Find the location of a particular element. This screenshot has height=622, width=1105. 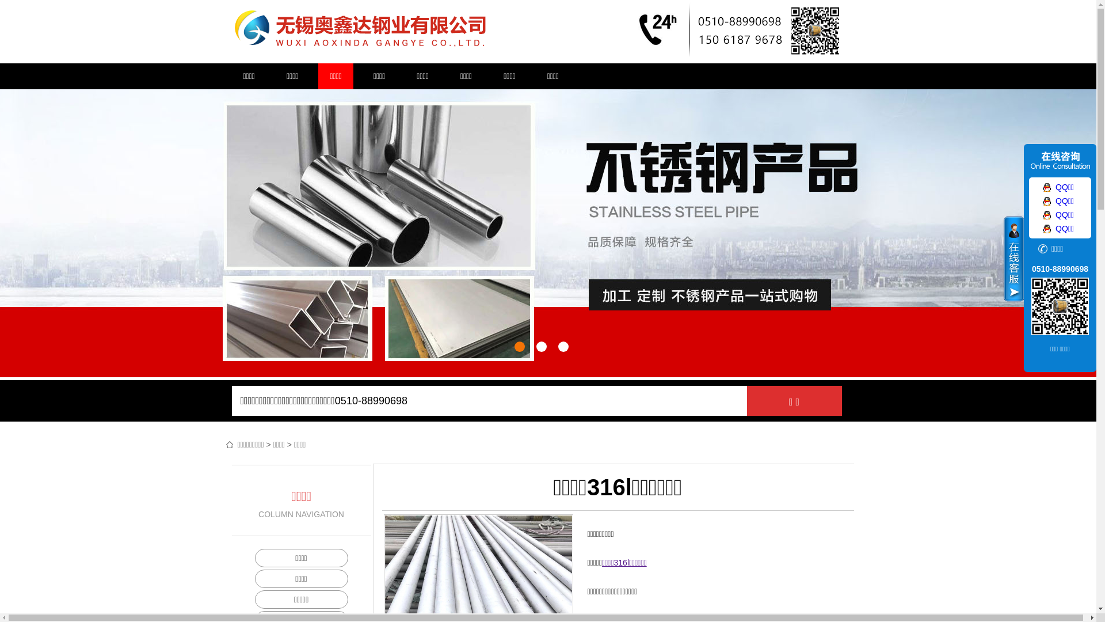

'3' is located at coordinates (558, 346).